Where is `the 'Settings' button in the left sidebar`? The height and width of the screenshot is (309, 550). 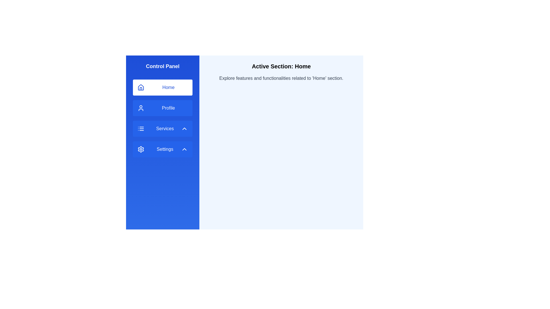
the 'Settings' button in the left sidebar is located at coordinates (162, 149).